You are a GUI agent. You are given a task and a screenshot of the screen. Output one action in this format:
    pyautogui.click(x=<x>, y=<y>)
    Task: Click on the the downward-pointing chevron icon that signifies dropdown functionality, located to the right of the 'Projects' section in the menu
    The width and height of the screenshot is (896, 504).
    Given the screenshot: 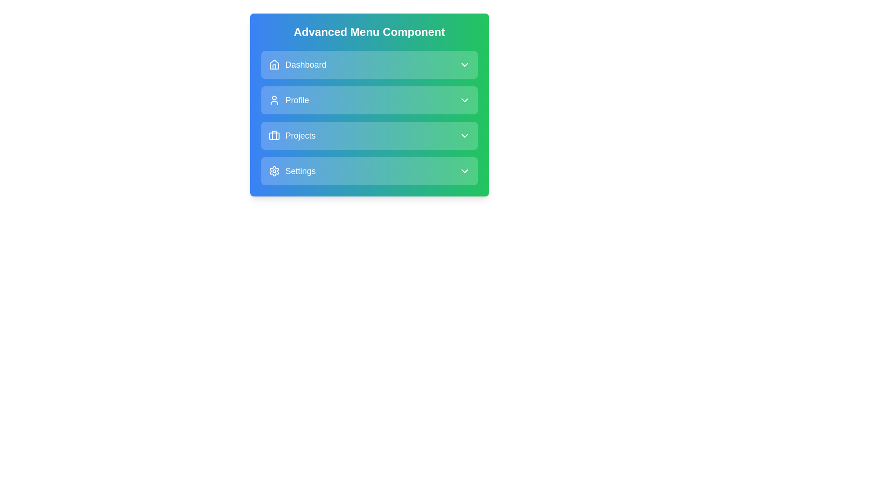 What is the action you would take?
    pyautogui.click(x=464, y=135)
    